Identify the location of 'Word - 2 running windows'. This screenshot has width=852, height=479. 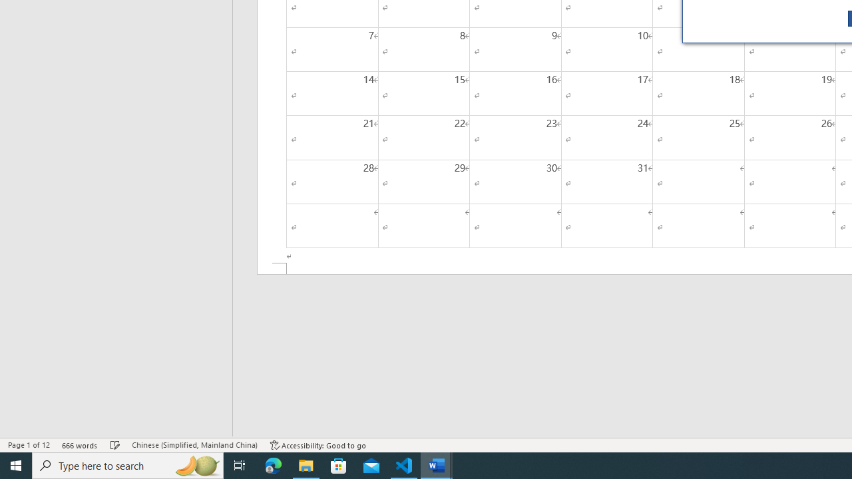
(437, 464).